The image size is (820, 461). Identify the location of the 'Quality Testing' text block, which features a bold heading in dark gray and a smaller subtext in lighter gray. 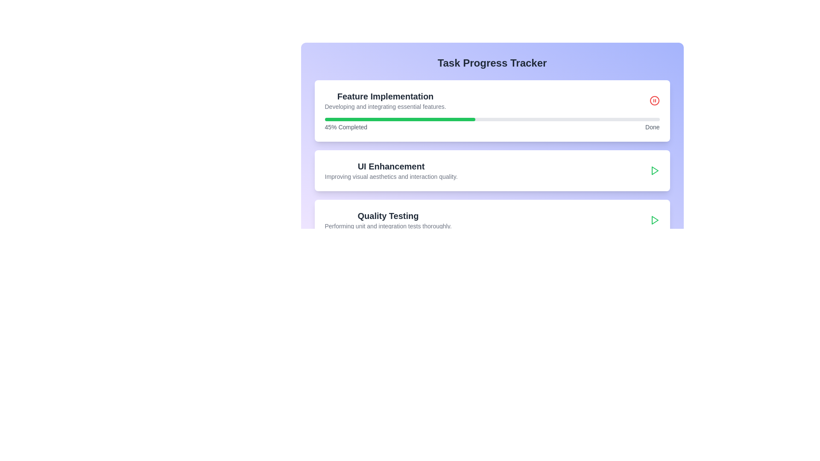
(387, 220).